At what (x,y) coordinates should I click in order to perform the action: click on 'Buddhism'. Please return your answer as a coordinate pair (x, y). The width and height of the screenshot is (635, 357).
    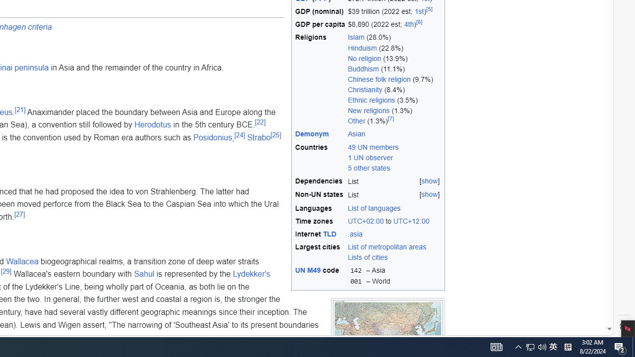
    Looking at the image, I should click on (363, 68).